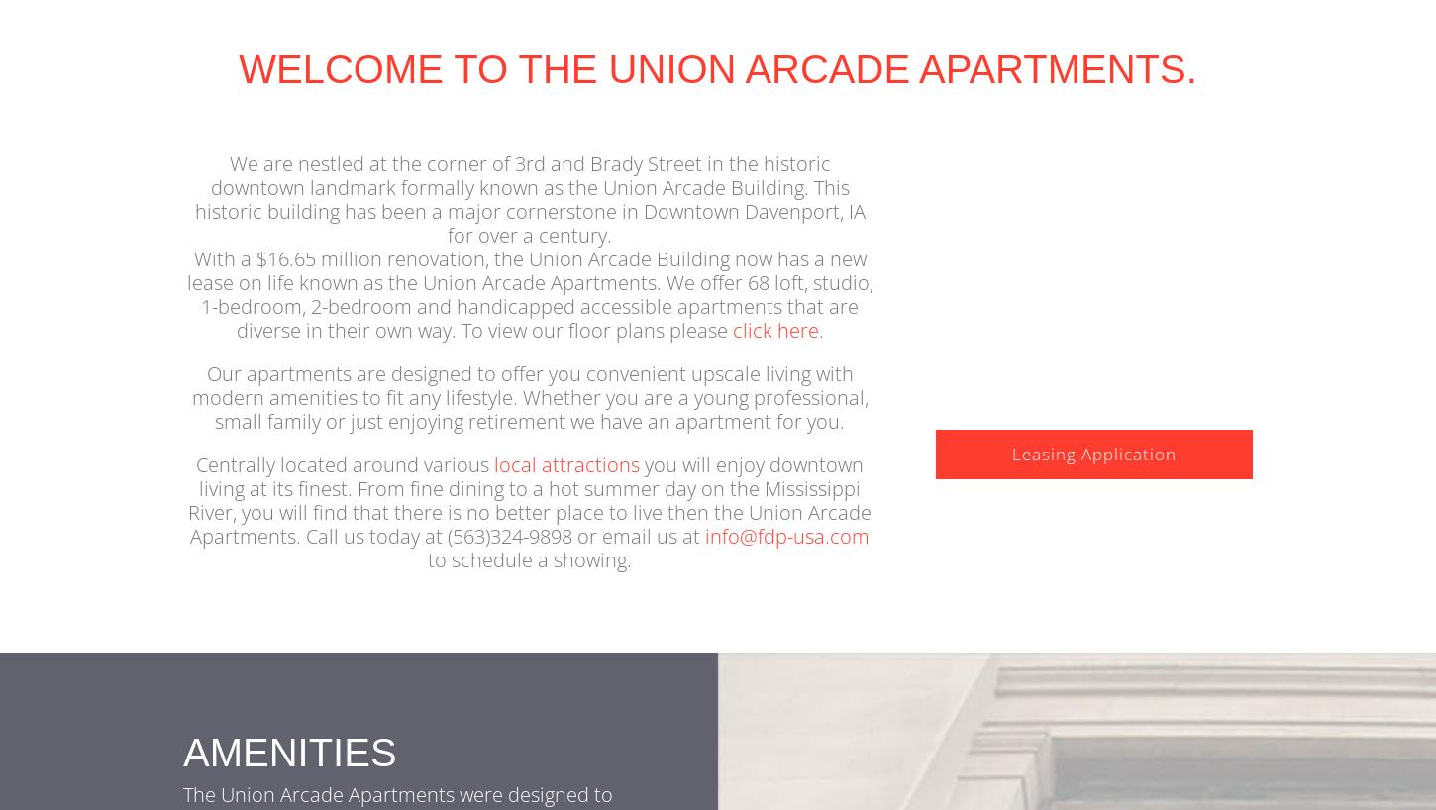 The image size is (1436, 810). I want to click on 'With a $16.65 million renovation, the Union Arcade Building now has a new lease on life known as the Union Arcade Apartments. We offer 68 loft, studio, 1-bedroom, 2-bedroom and handicapped accessible apartments that are diverse in their own way. To view our floor plans please', so click(529, 323).